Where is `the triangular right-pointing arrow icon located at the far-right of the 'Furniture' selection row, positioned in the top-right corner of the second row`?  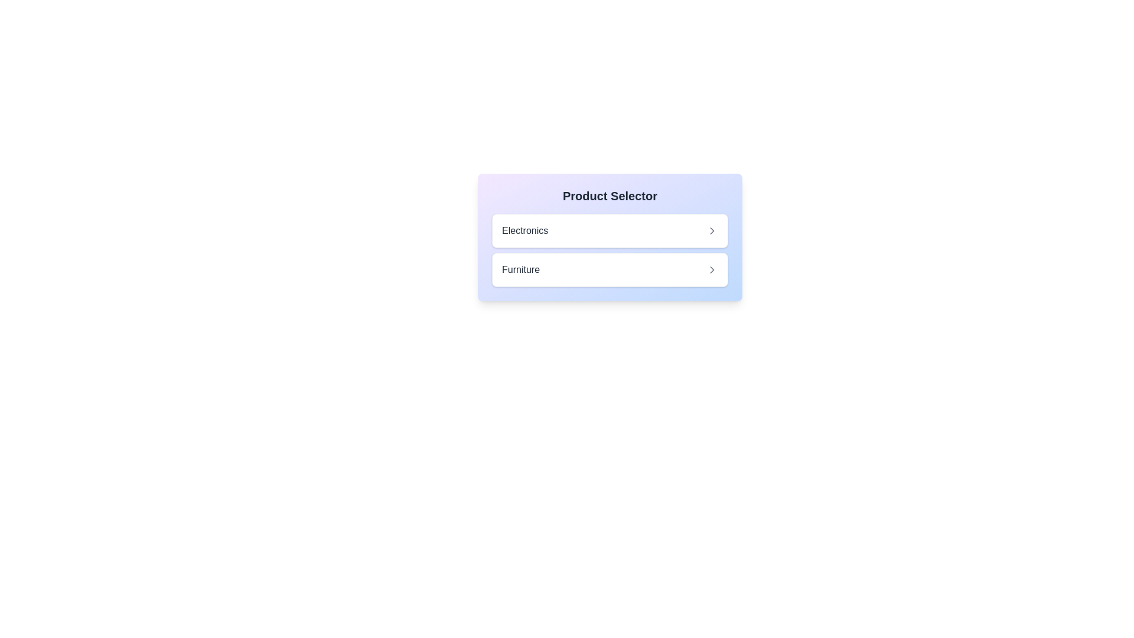 the triangular right-pointing arrow icon located at the far-right of the 'Furniture' selection row, positioned in the top-right corner of the second row is located at coordinates (711, 269).